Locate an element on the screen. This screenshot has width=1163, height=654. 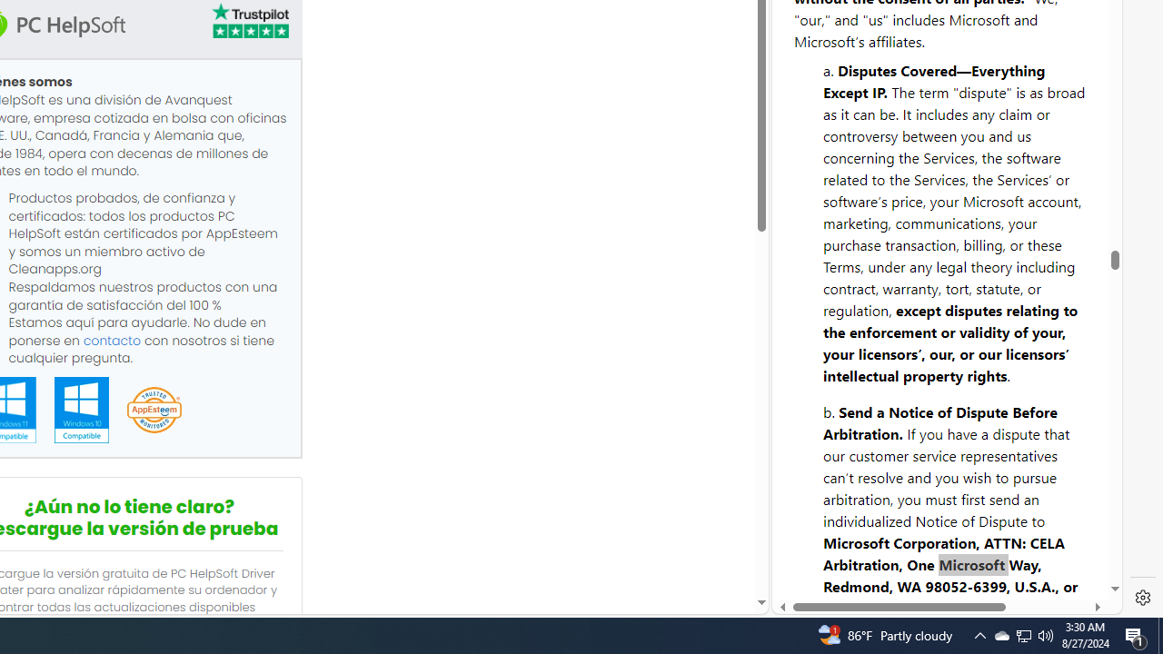
'Windows 10 Compatible' is located at coordinates (80, 410).